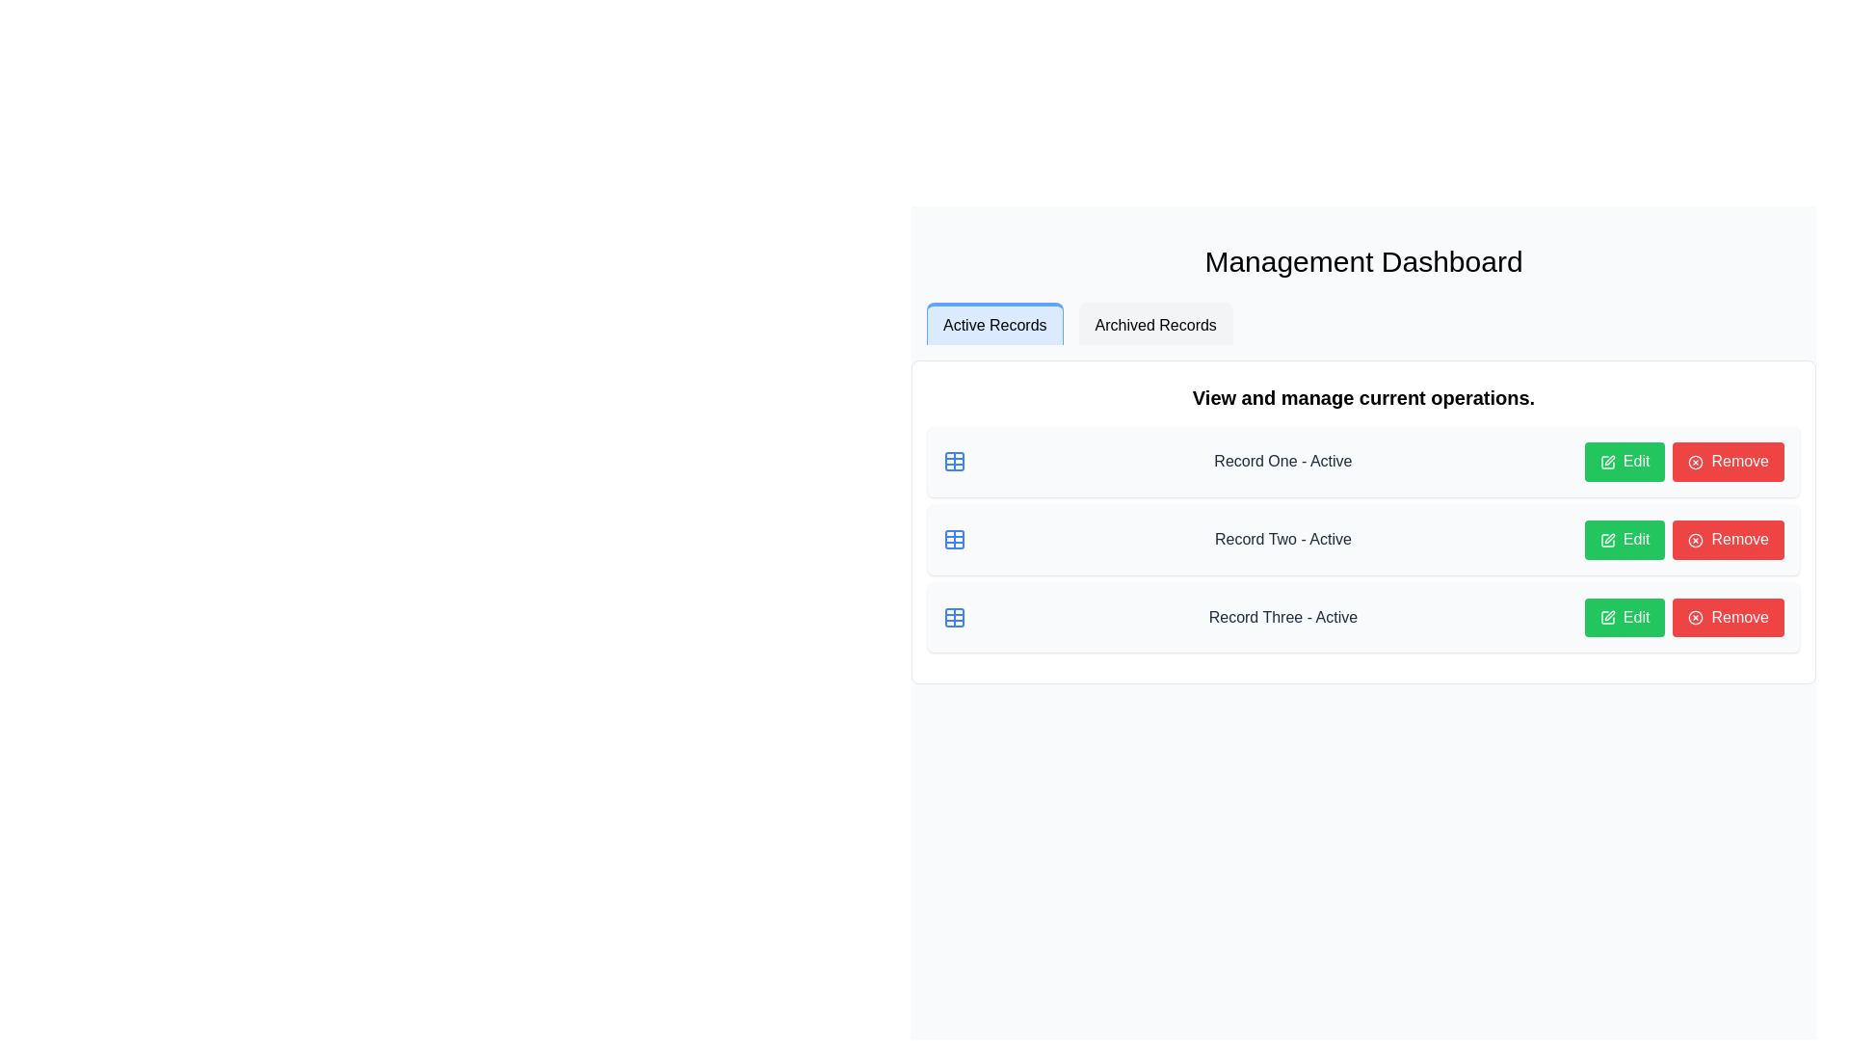  What do you see at coordinates (954, 617) in the screenshot?
I see `the blue table-like icon with grid patterns located to the left of the text 'Record Three - Active' in the third row of the 'Active Records' tab` at bounding box center [954, 617].